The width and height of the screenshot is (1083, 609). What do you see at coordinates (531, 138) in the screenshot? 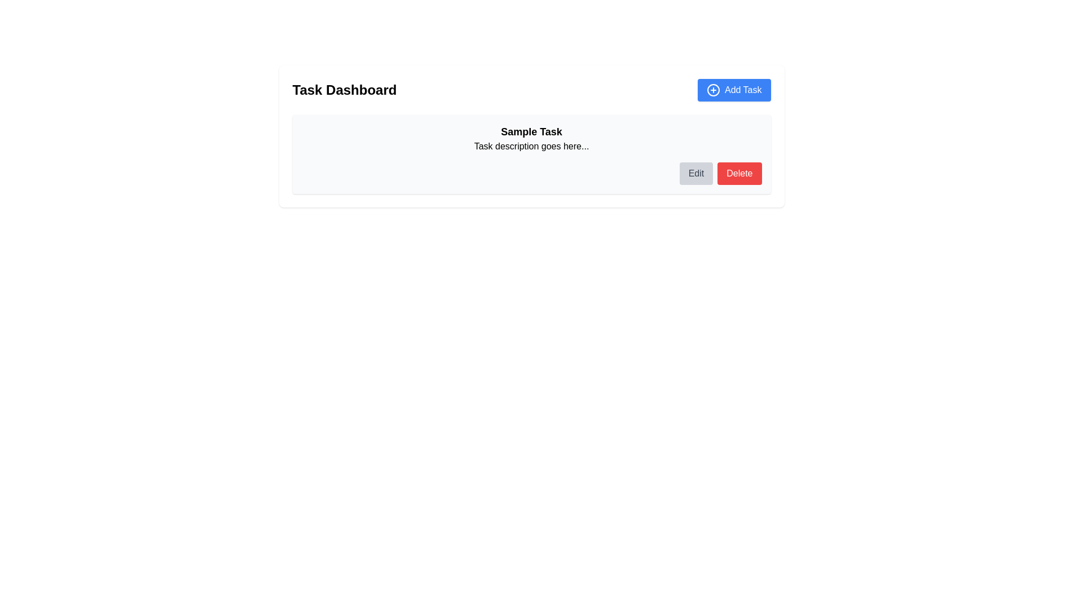
I see `the text block that provides the title and description of a task item within the task management interface to select and copy the content` at bounding box center [531, 138].